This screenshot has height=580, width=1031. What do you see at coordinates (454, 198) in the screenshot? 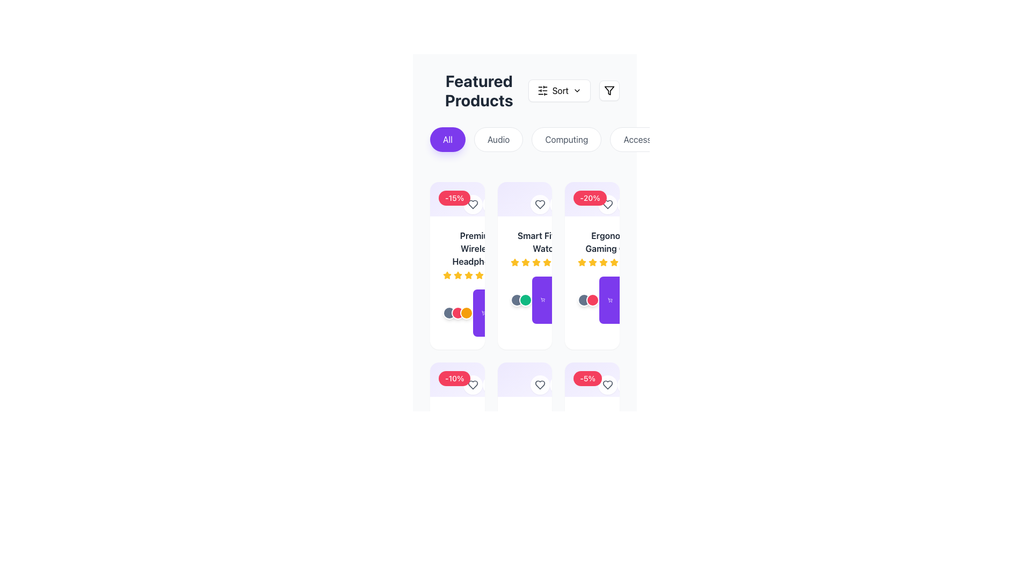
I see `the non-interactive badge displaying '-15%' with a rose-pink background located in the top-left corner of the first card in the top row` at bounding box center [454, 198].